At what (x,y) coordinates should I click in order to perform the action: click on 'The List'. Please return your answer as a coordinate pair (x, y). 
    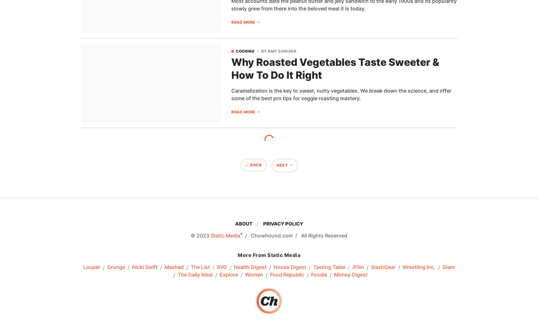
    Looking at the image, I should click on (200, 267).